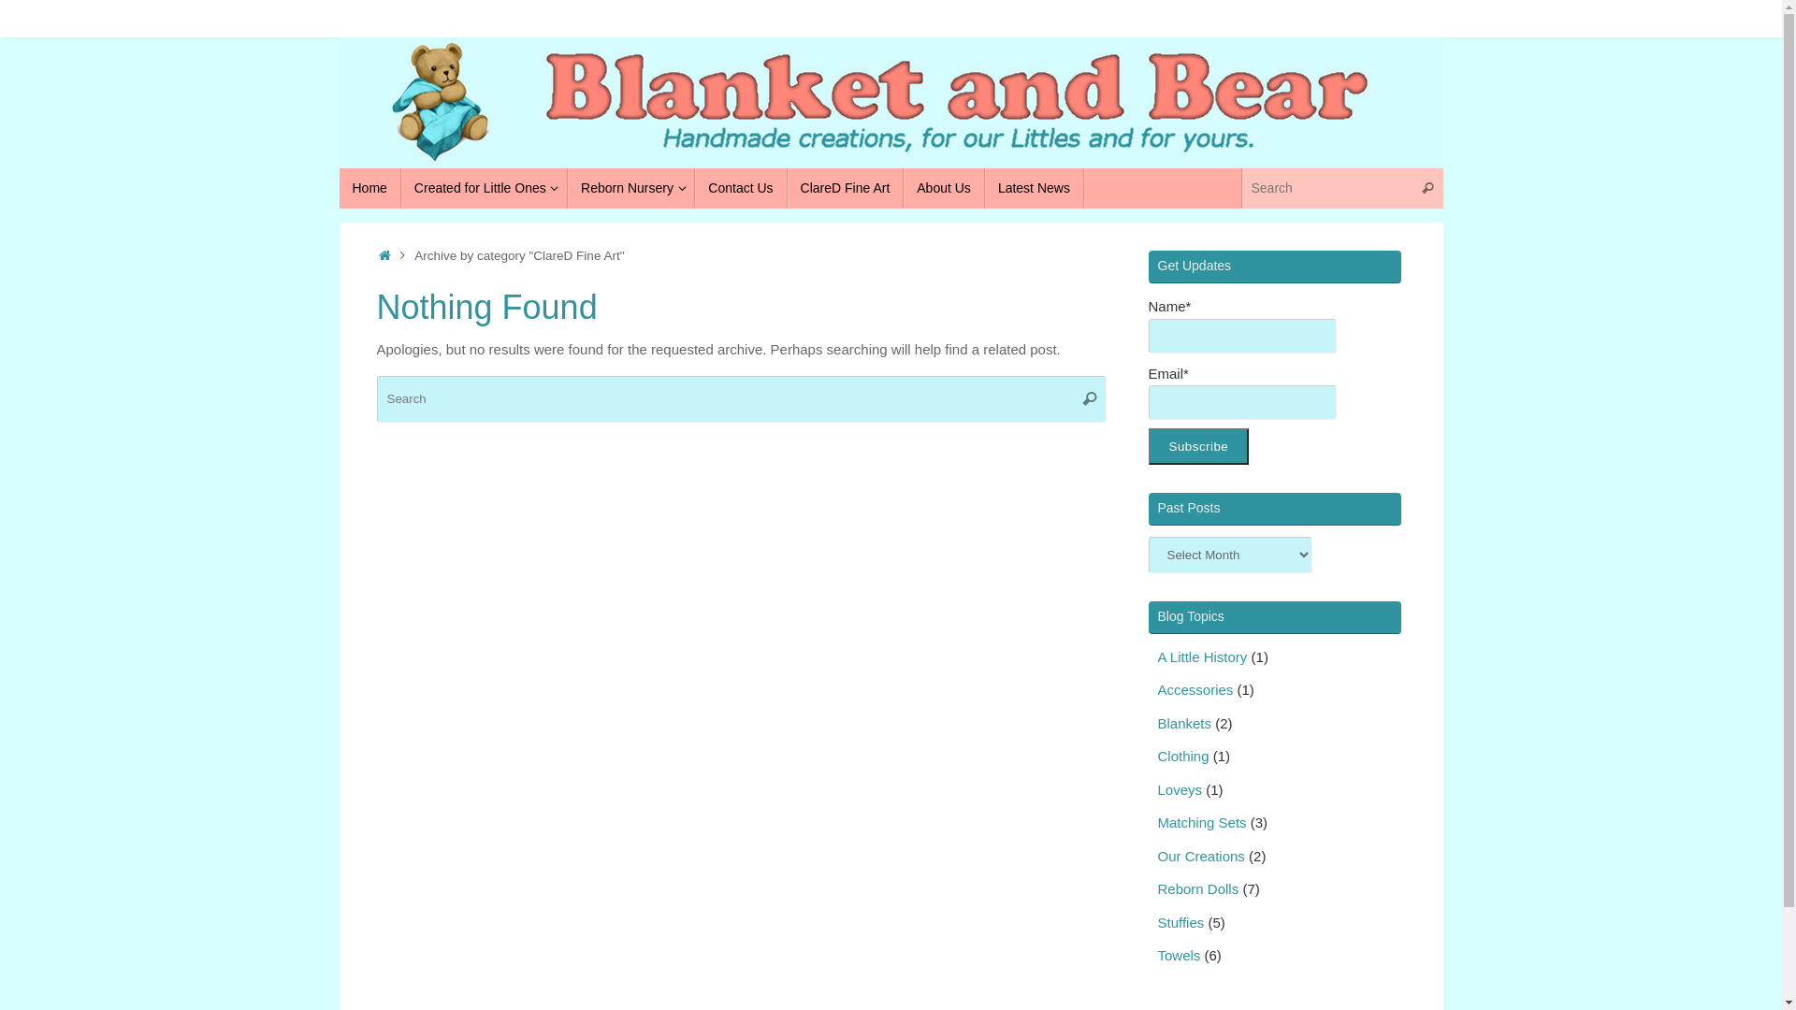 The height and width of the screenshot is (1010, 1796). I want to click on 'Our Creations', so click(1201, 856).